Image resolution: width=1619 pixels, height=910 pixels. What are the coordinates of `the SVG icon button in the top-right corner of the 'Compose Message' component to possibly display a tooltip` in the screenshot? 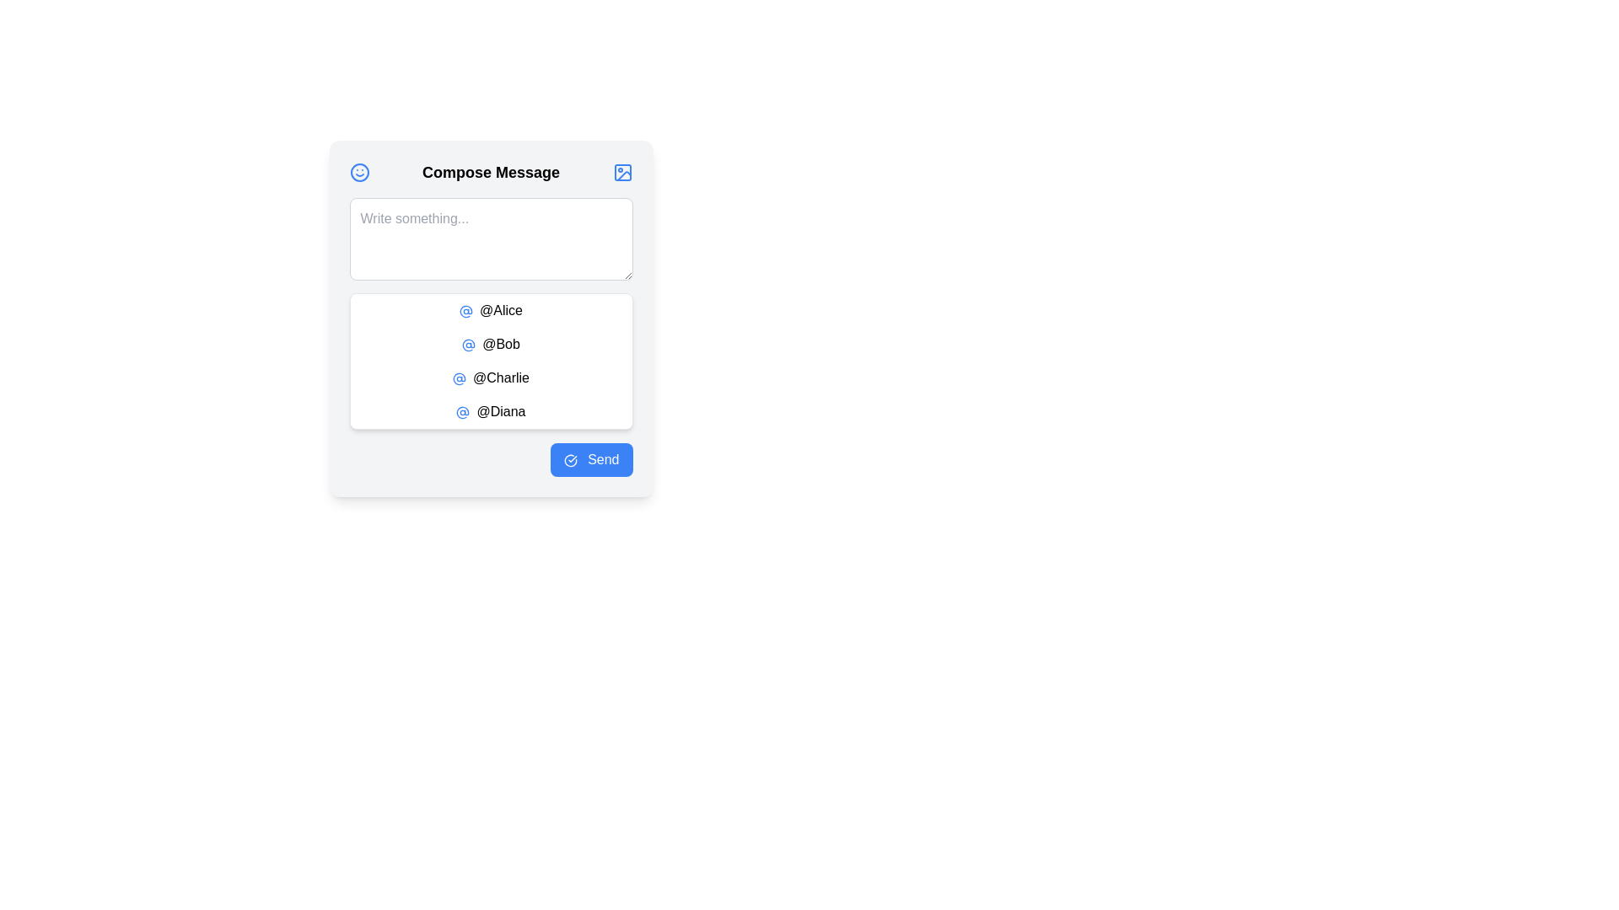 It's located at (621, 172).